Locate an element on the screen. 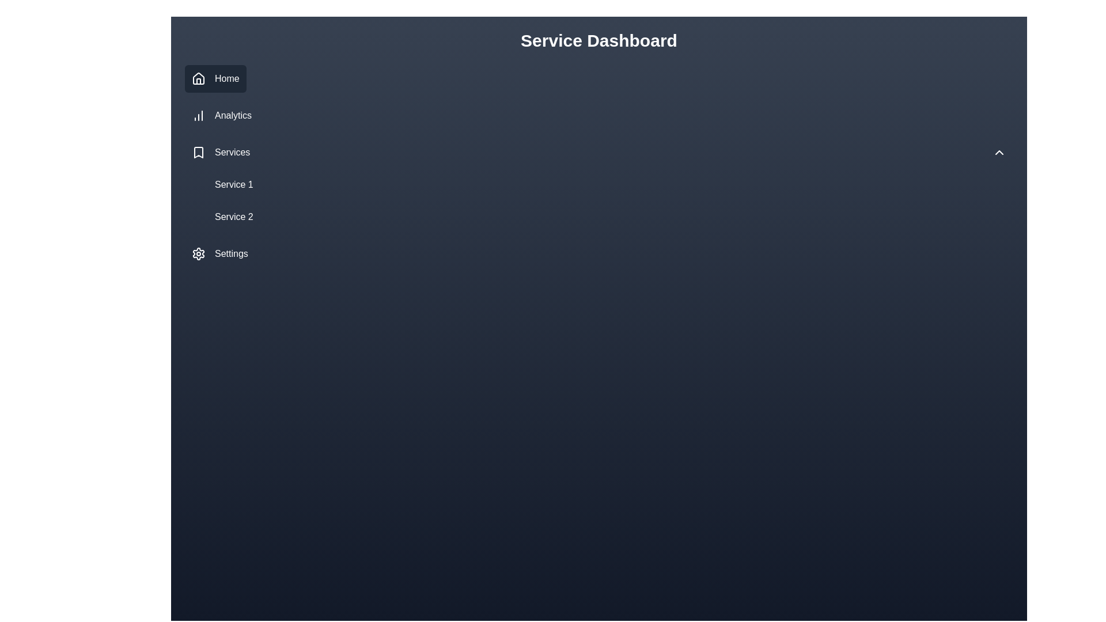 This screenshot has height=622, width=1106. the house-shaped icon in the sidebar next to the 'Home' label is located at coordinates (199, 78).